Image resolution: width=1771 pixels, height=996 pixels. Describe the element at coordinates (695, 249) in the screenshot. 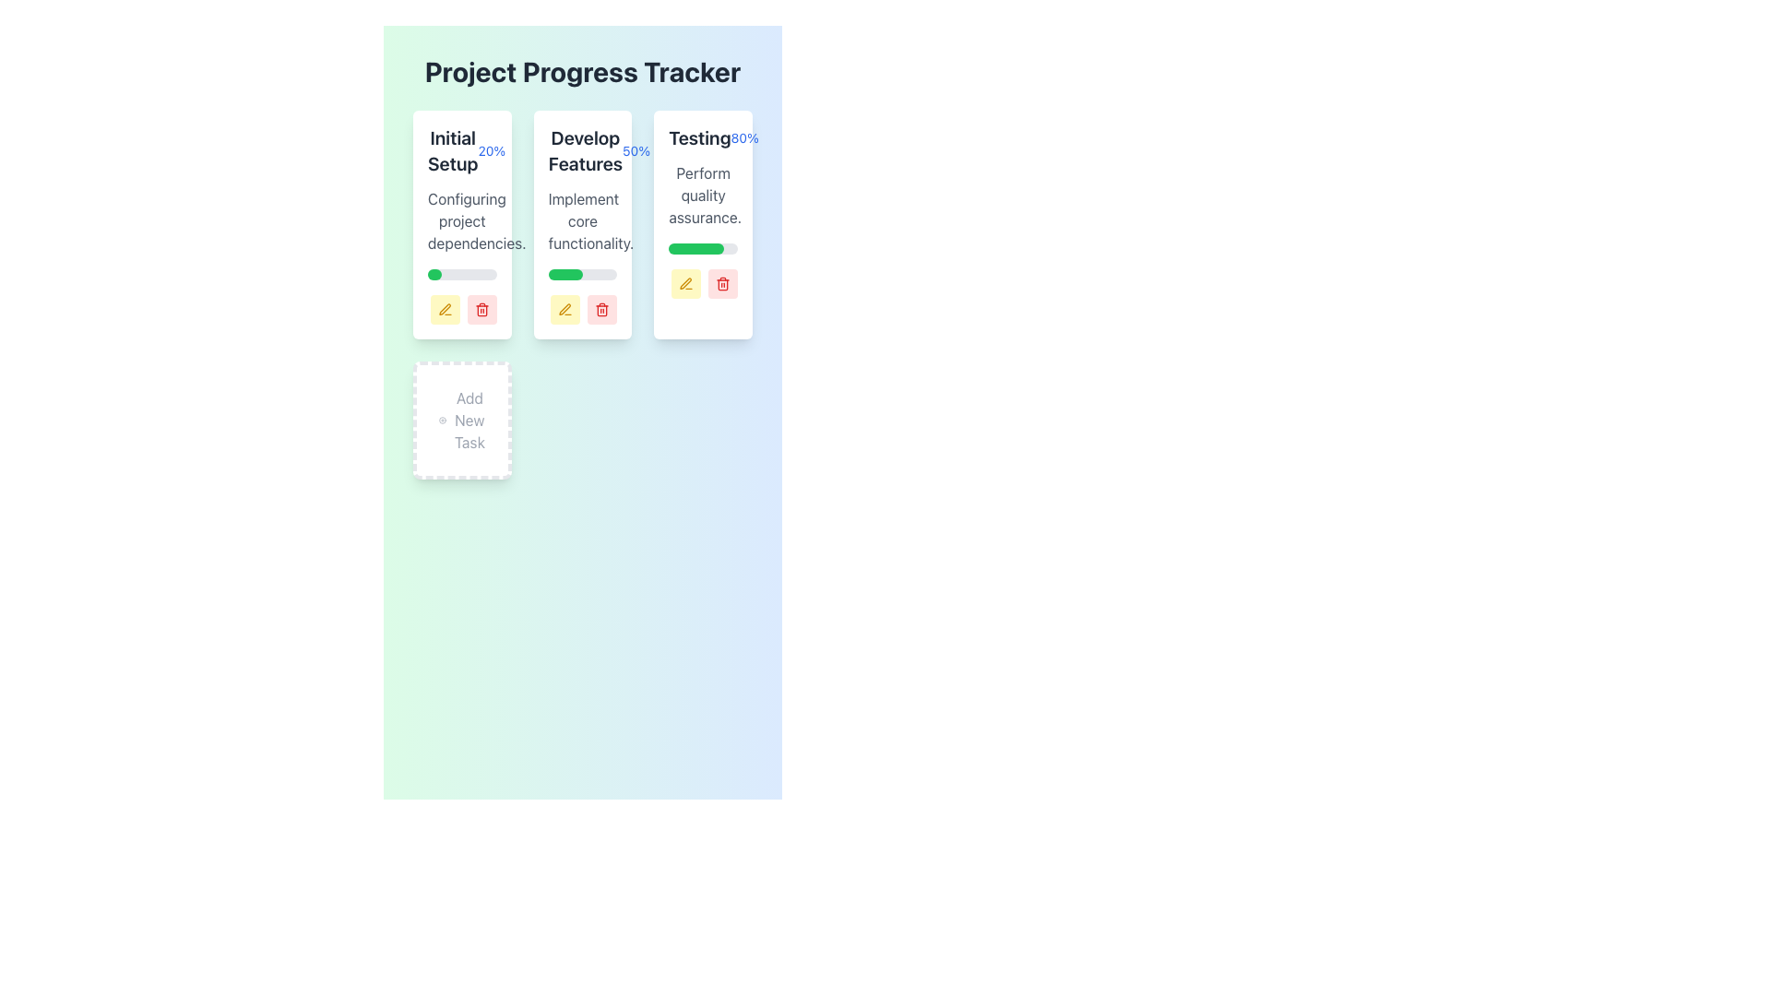

I see `the graphical representation of the green progress bar filler segment within the 'Testing' section of the task management interface` at that location.